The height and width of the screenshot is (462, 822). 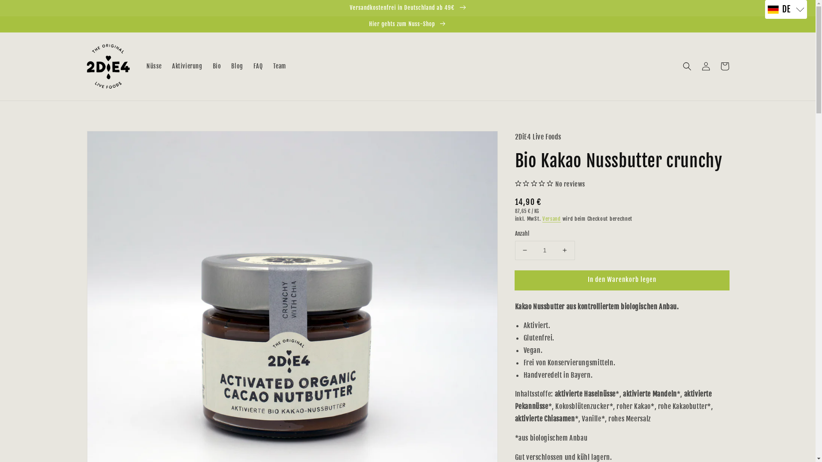 I want to click on 'Aktivierung', so click(x=167, y=65).